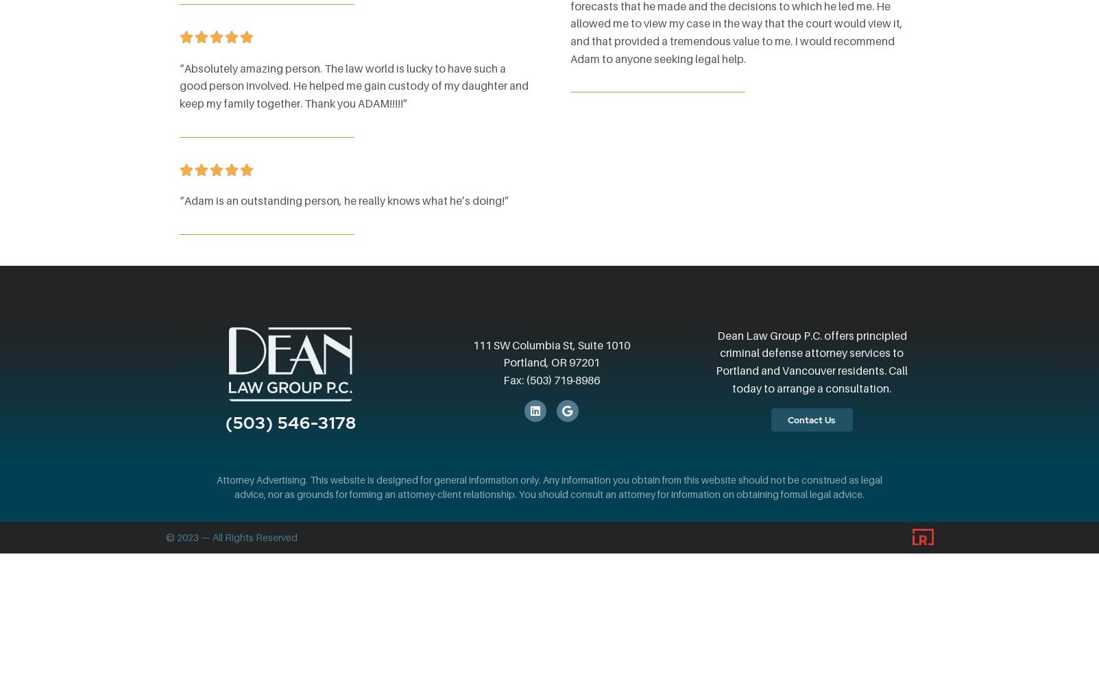 The width and height of the screenshot is (1099, 685). I want to click on 'Contact Us', so click(810, 419).